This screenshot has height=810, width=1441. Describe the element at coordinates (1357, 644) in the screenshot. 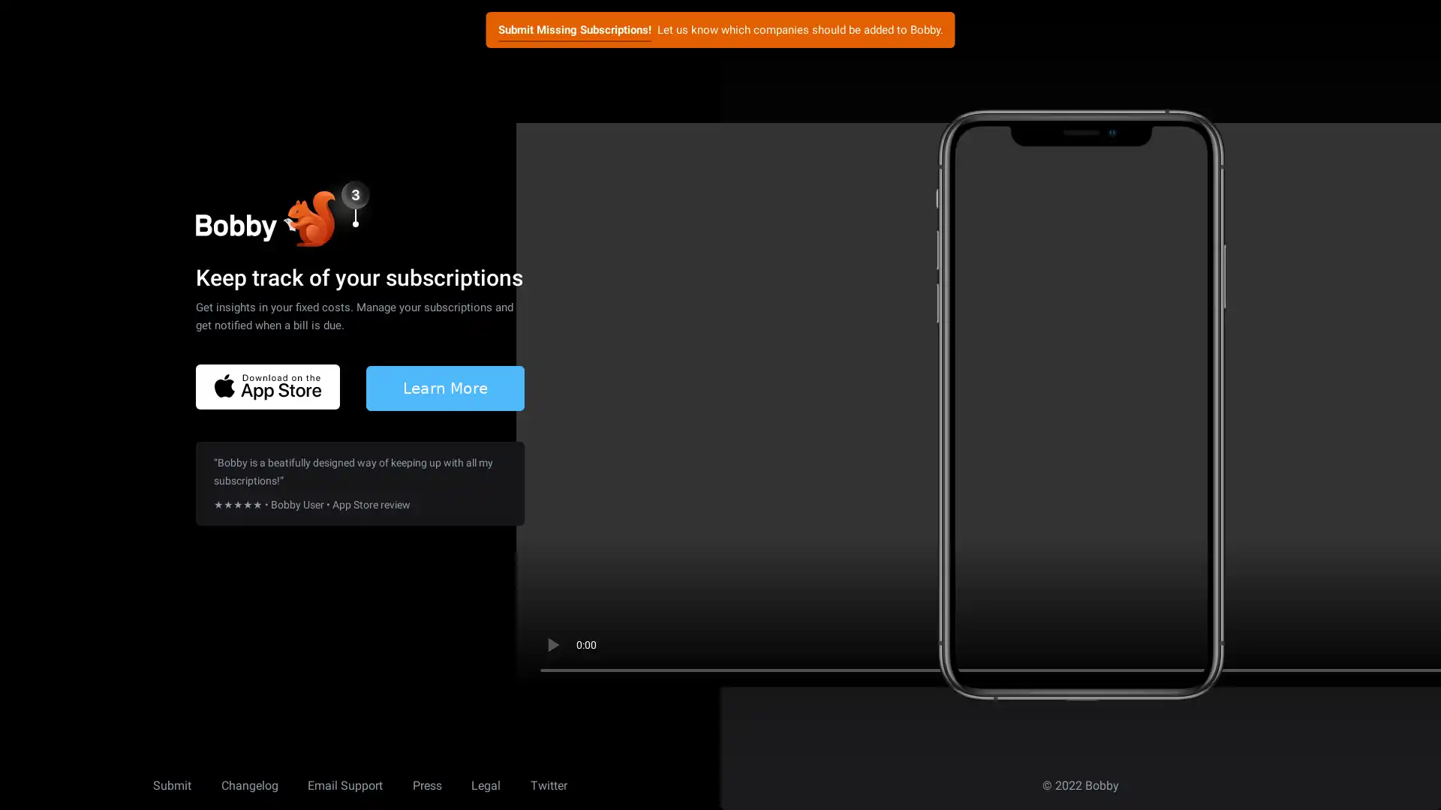

I see `enter full screen` at that location.